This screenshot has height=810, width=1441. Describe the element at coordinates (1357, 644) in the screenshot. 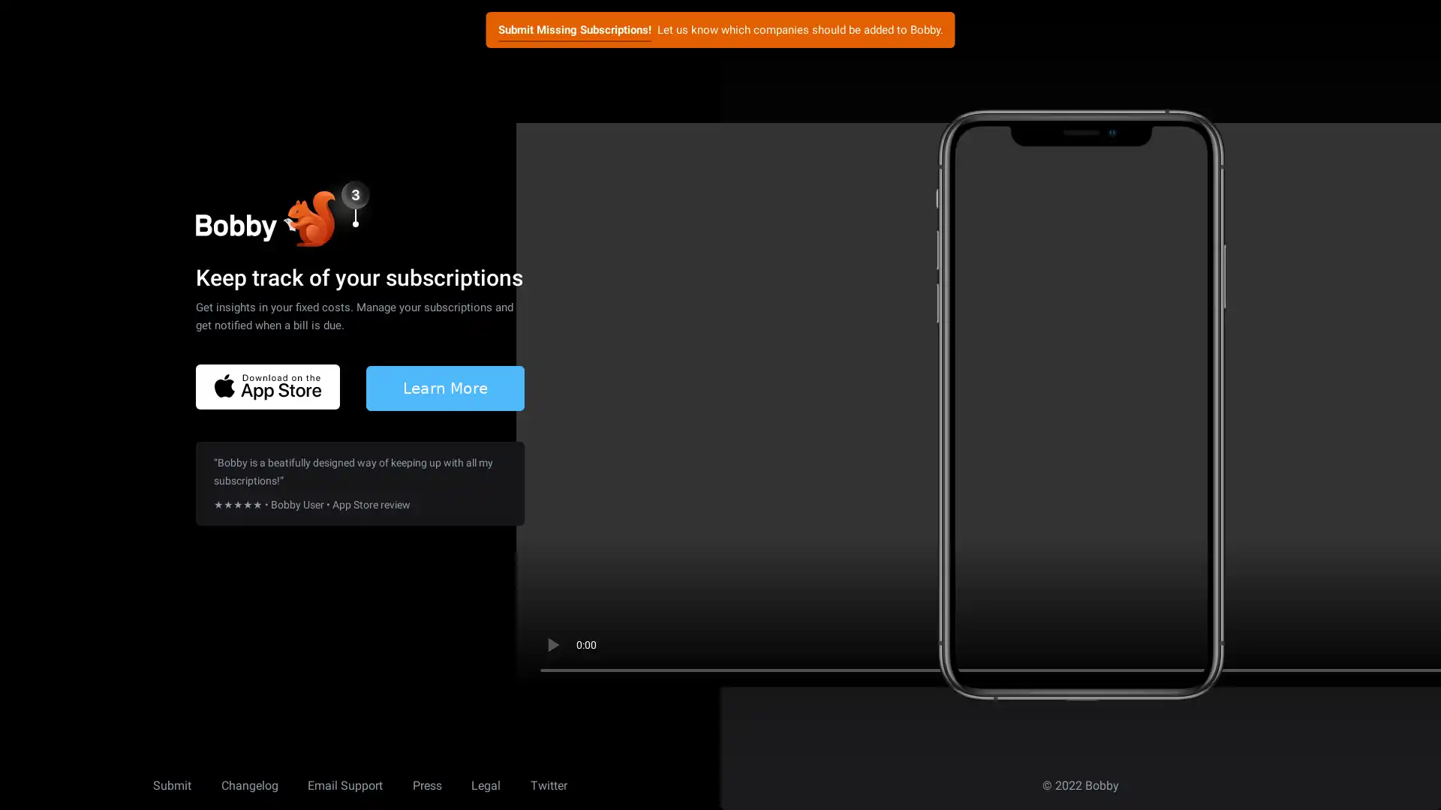

I see `enter full screen` at that location.